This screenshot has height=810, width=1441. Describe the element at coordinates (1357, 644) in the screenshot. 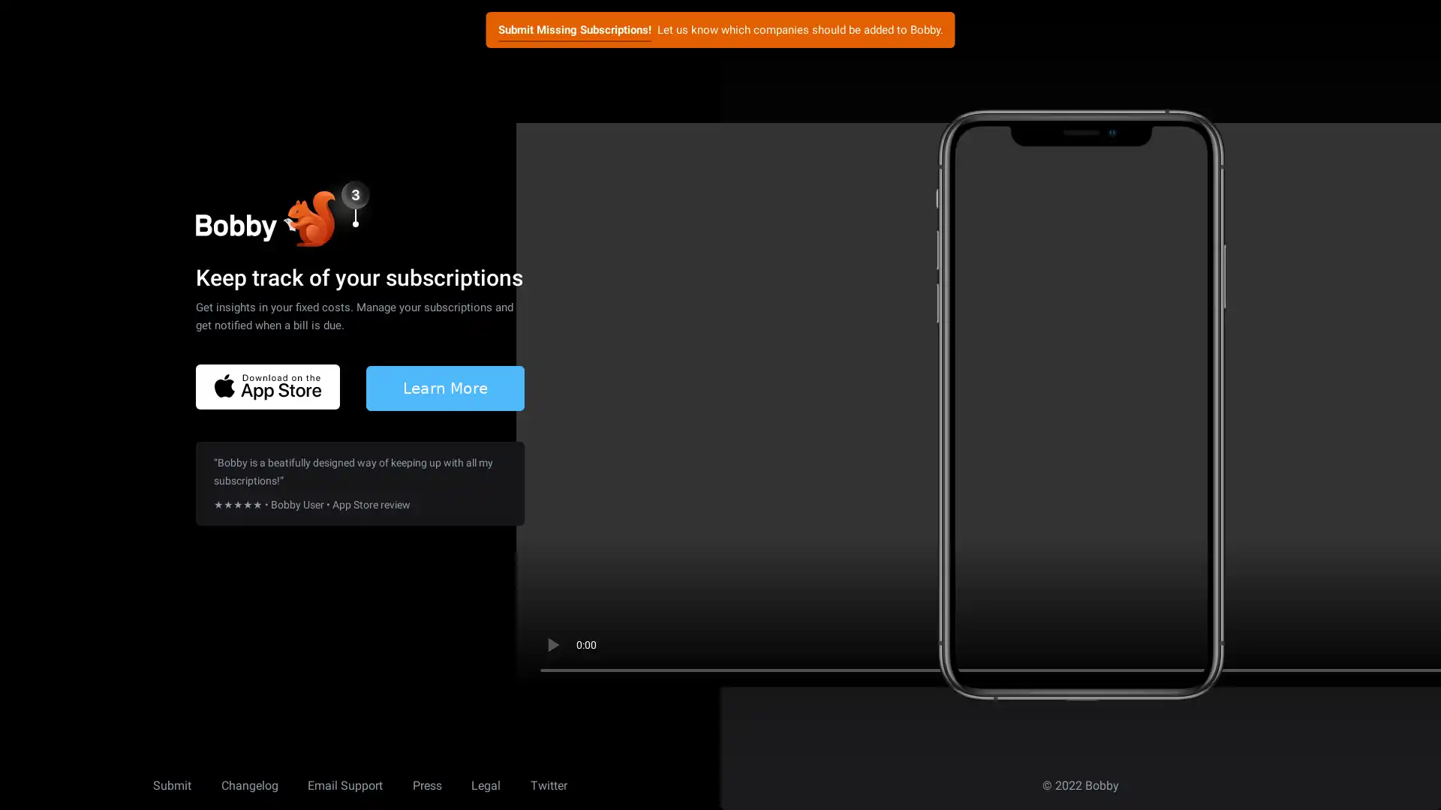

I see `enter full screen` at that location.